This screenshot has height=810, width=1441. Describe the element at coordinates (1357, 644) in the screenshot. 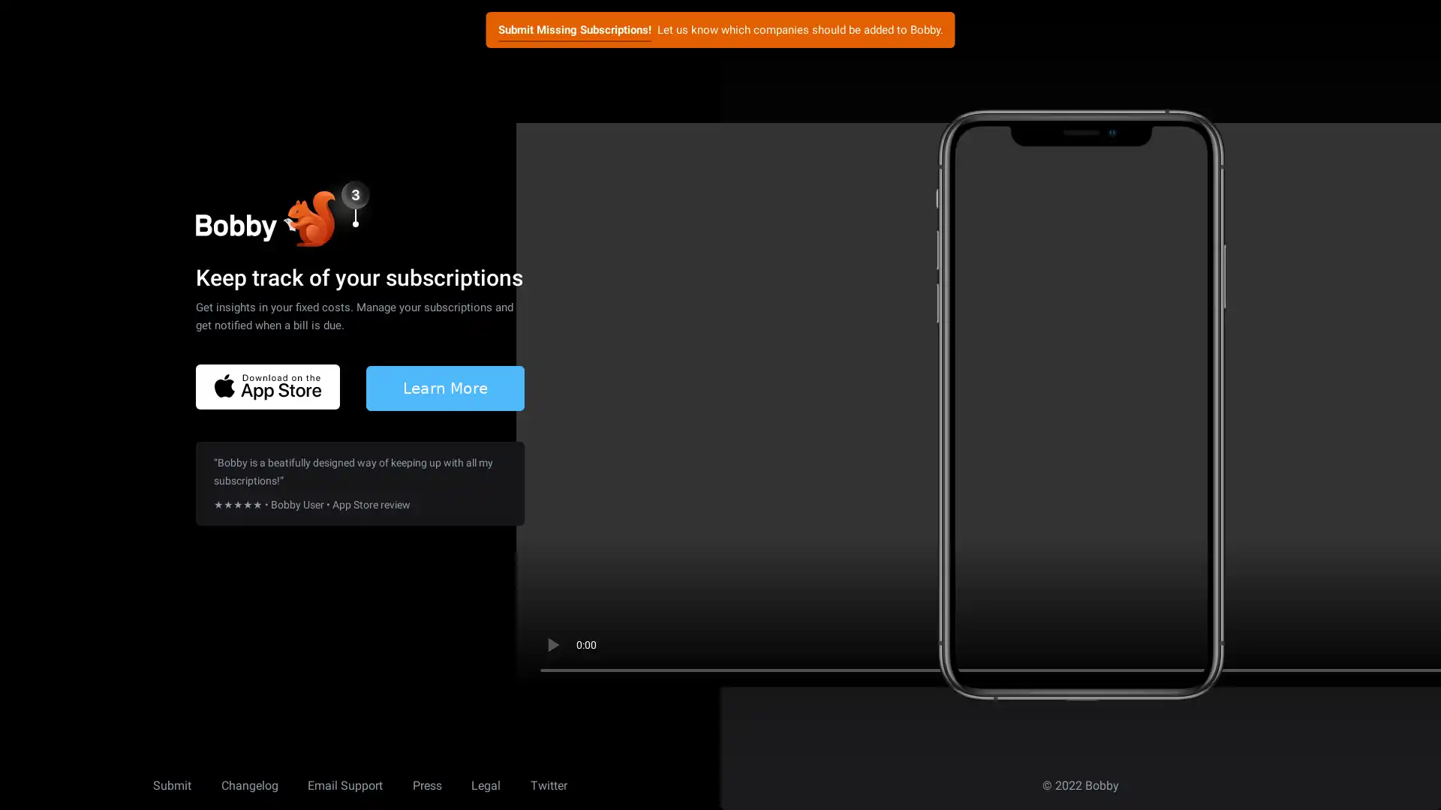

I see `enter full screen` at that location.